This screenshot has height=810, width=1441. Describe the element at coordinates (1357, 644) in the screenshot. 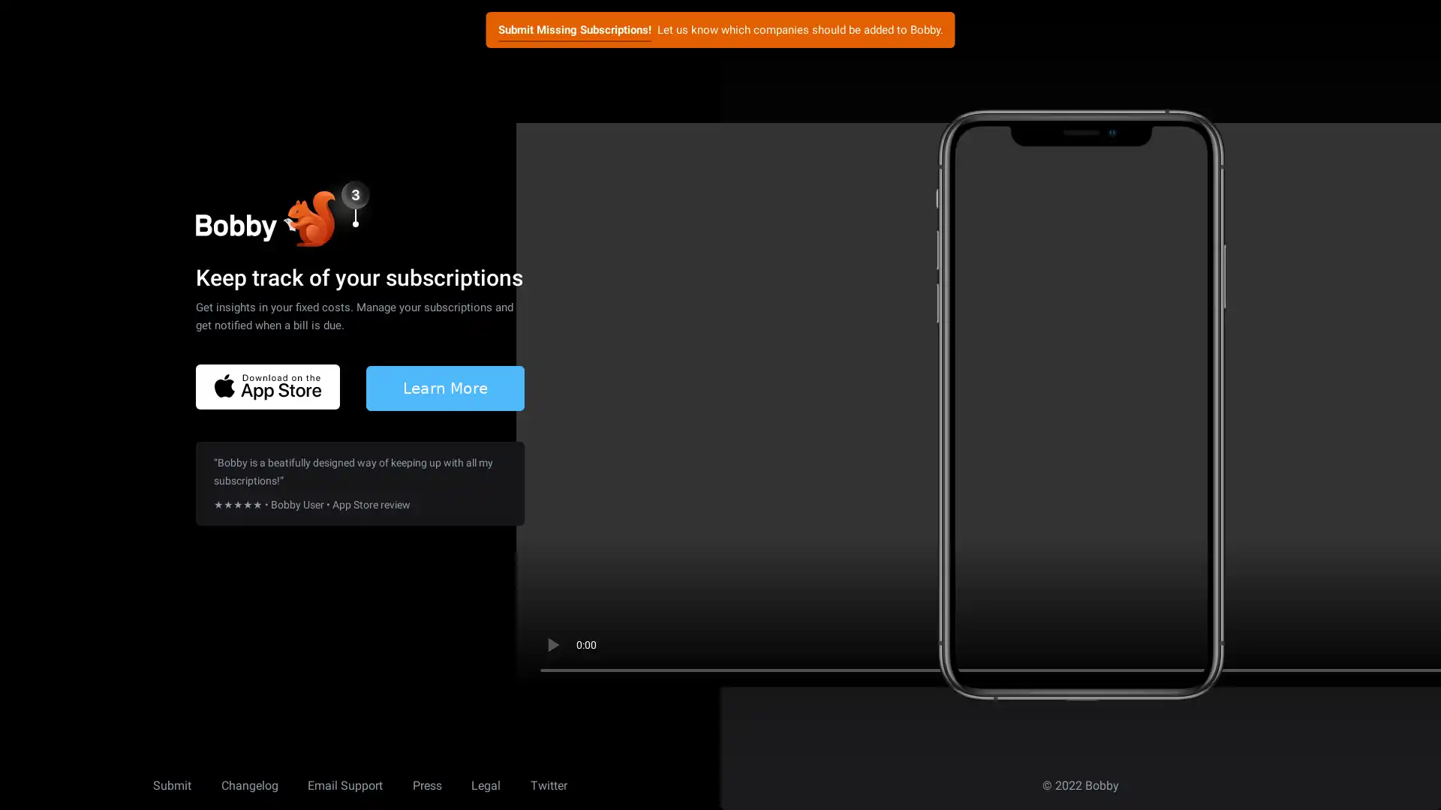

I see `enter full screen` at that location.